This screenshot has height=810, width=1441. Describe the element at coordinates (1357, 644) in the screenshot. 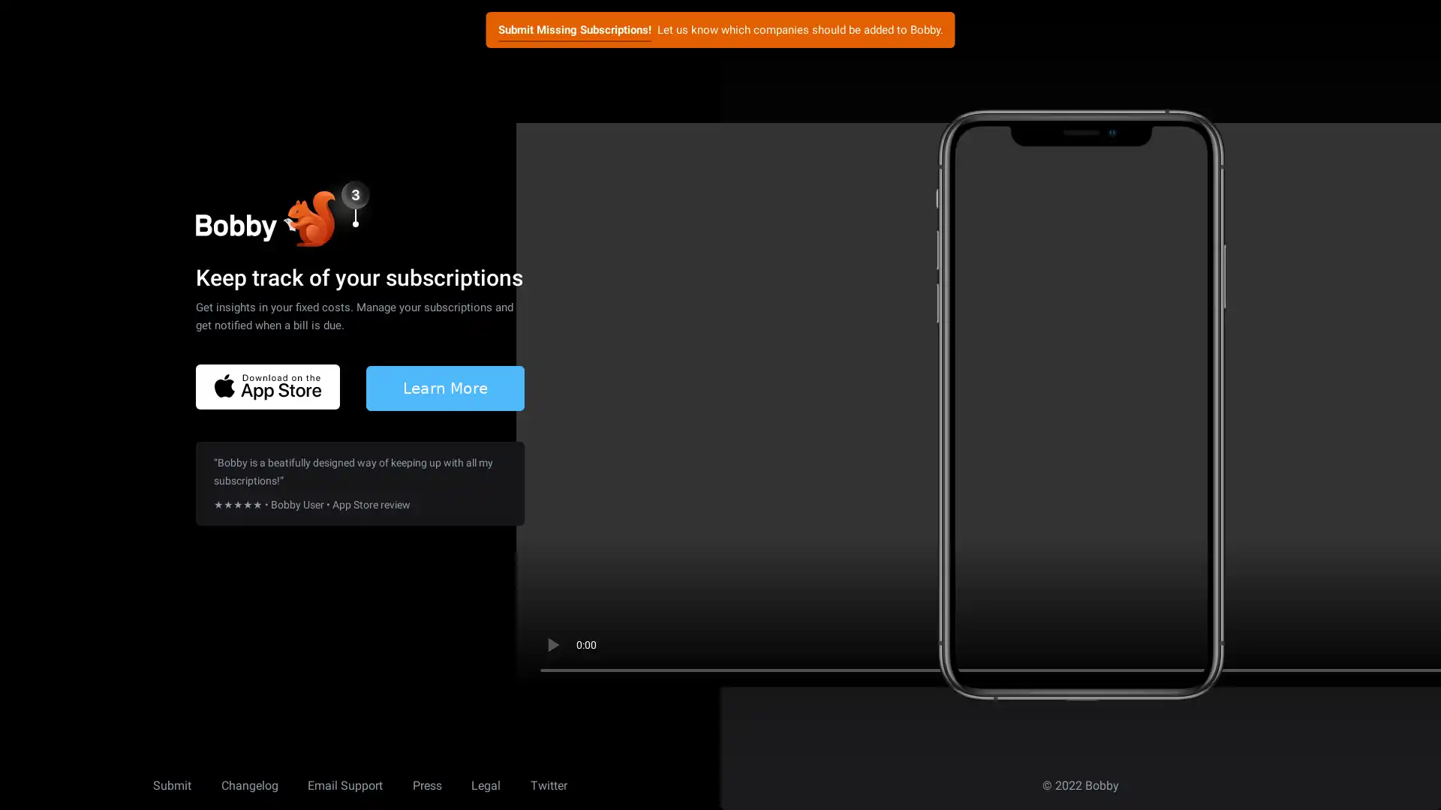

I see `enter full screen` at that location.